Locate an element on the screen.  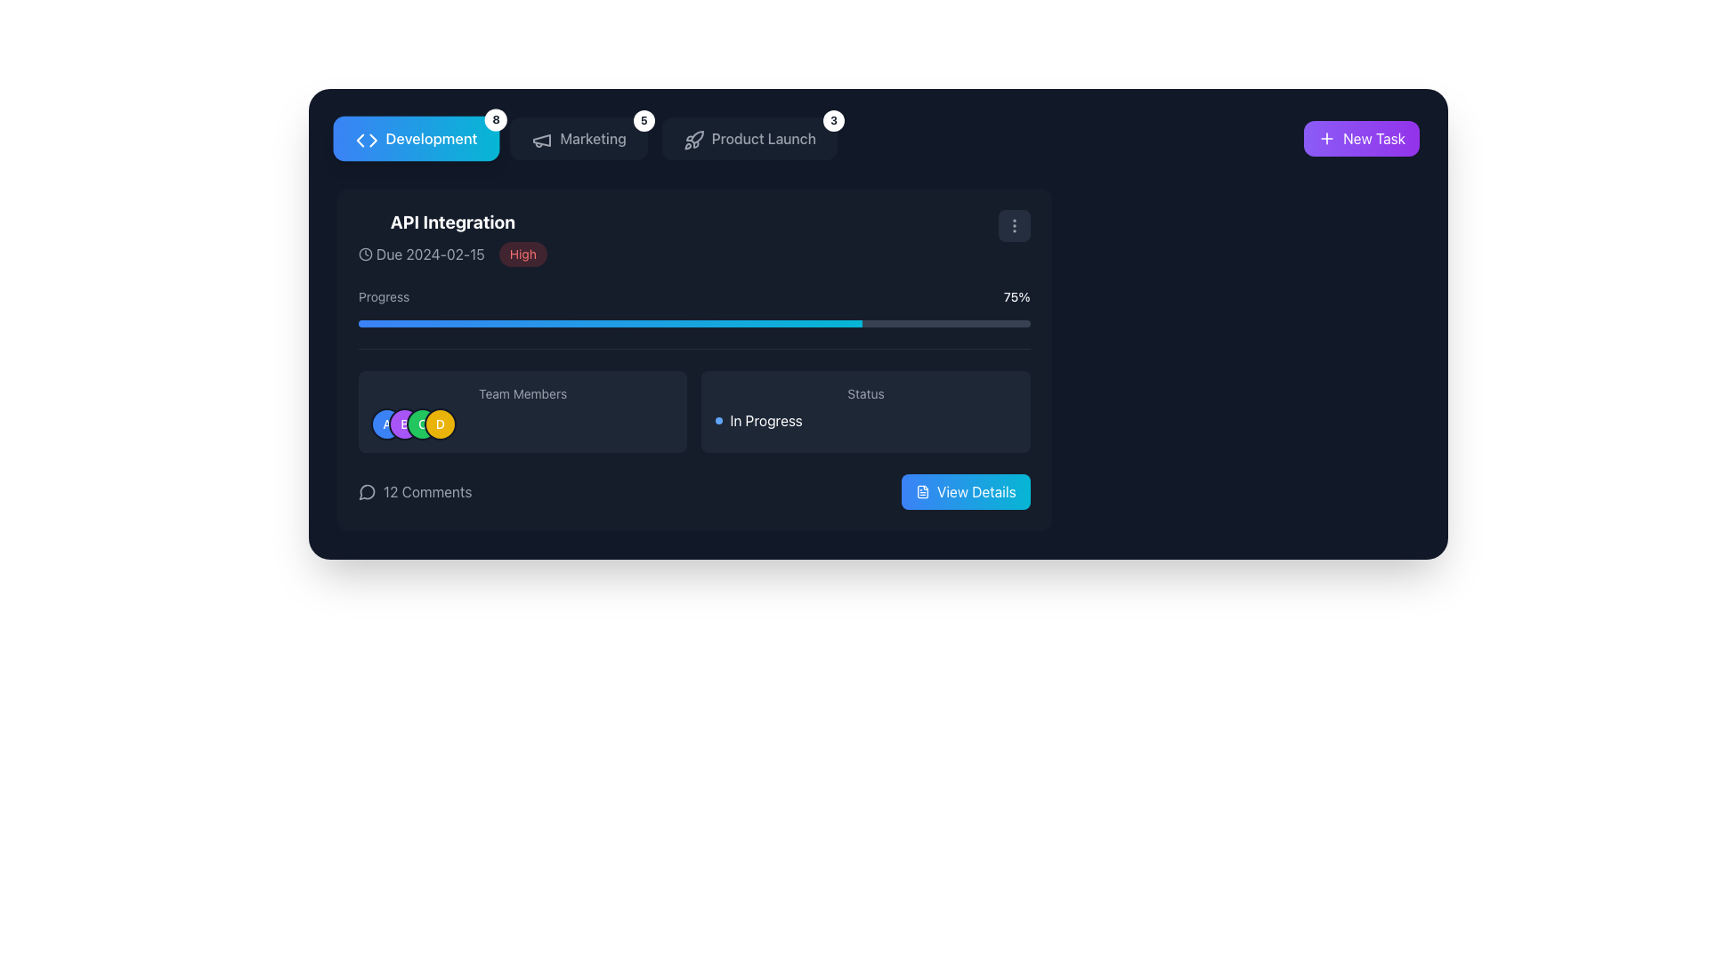
the rectangular button labeled 'Development' with a gradient background to change its visual state is located at coordinates (416, 137).